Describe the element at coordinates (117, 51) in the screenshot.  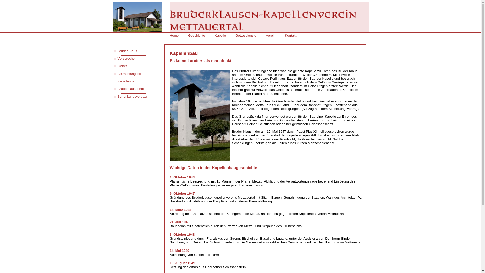
I see `'Bruder Klaus'` at that location.